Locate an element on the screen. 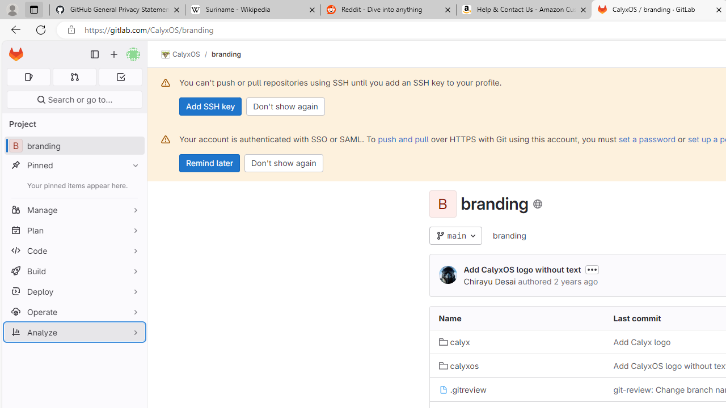  'branding' is located at coordinates (509, 235).